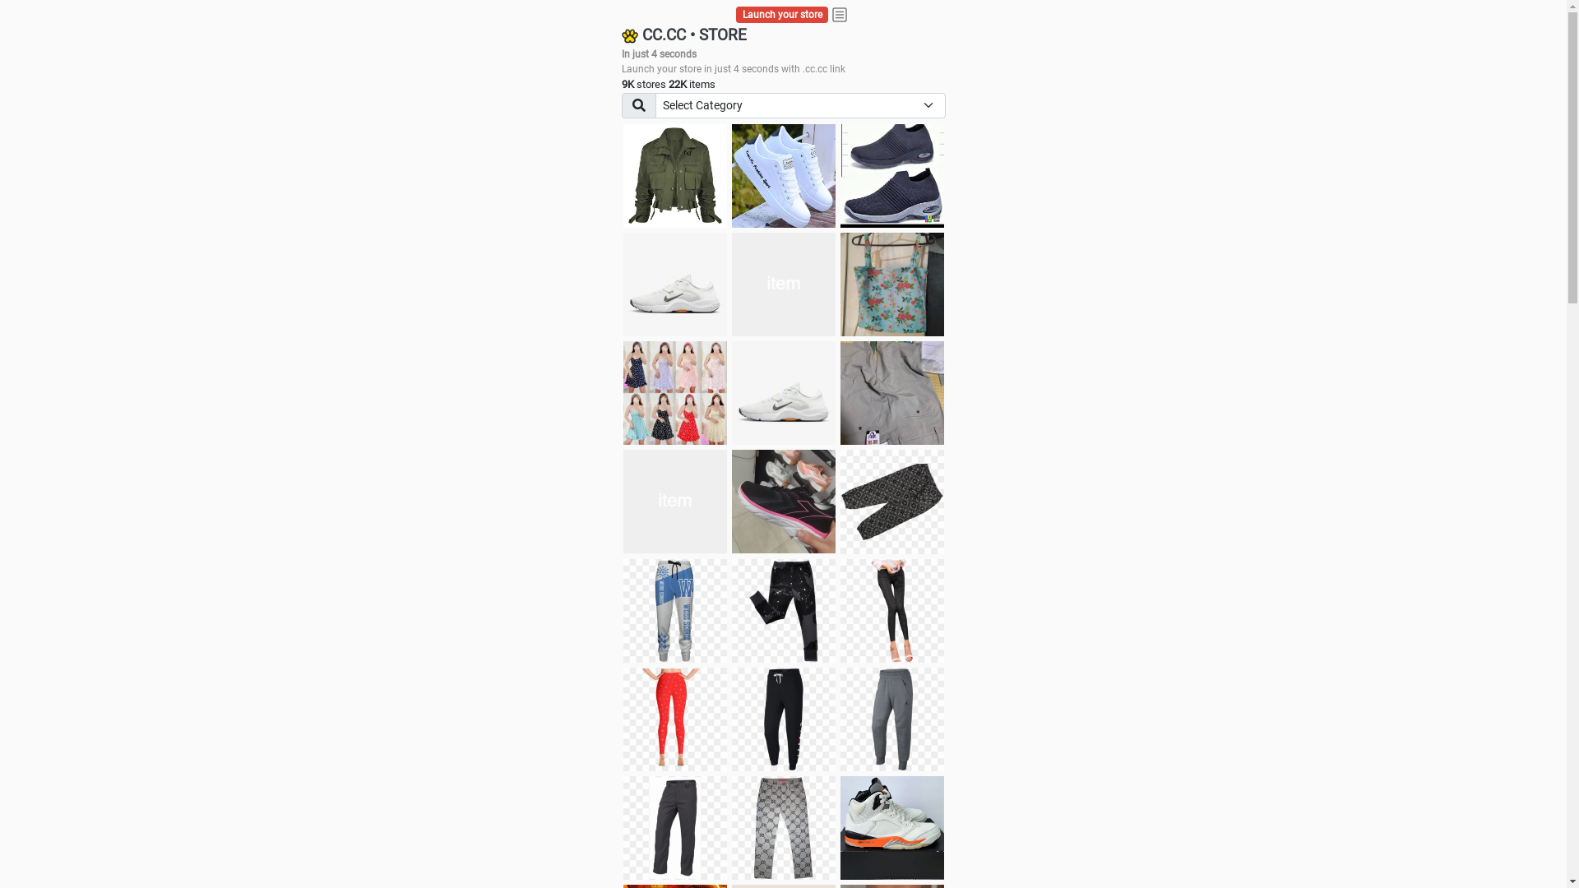 This screenshot has width=1579, height=888. I want to click on 'Pant', so click(783, 827).